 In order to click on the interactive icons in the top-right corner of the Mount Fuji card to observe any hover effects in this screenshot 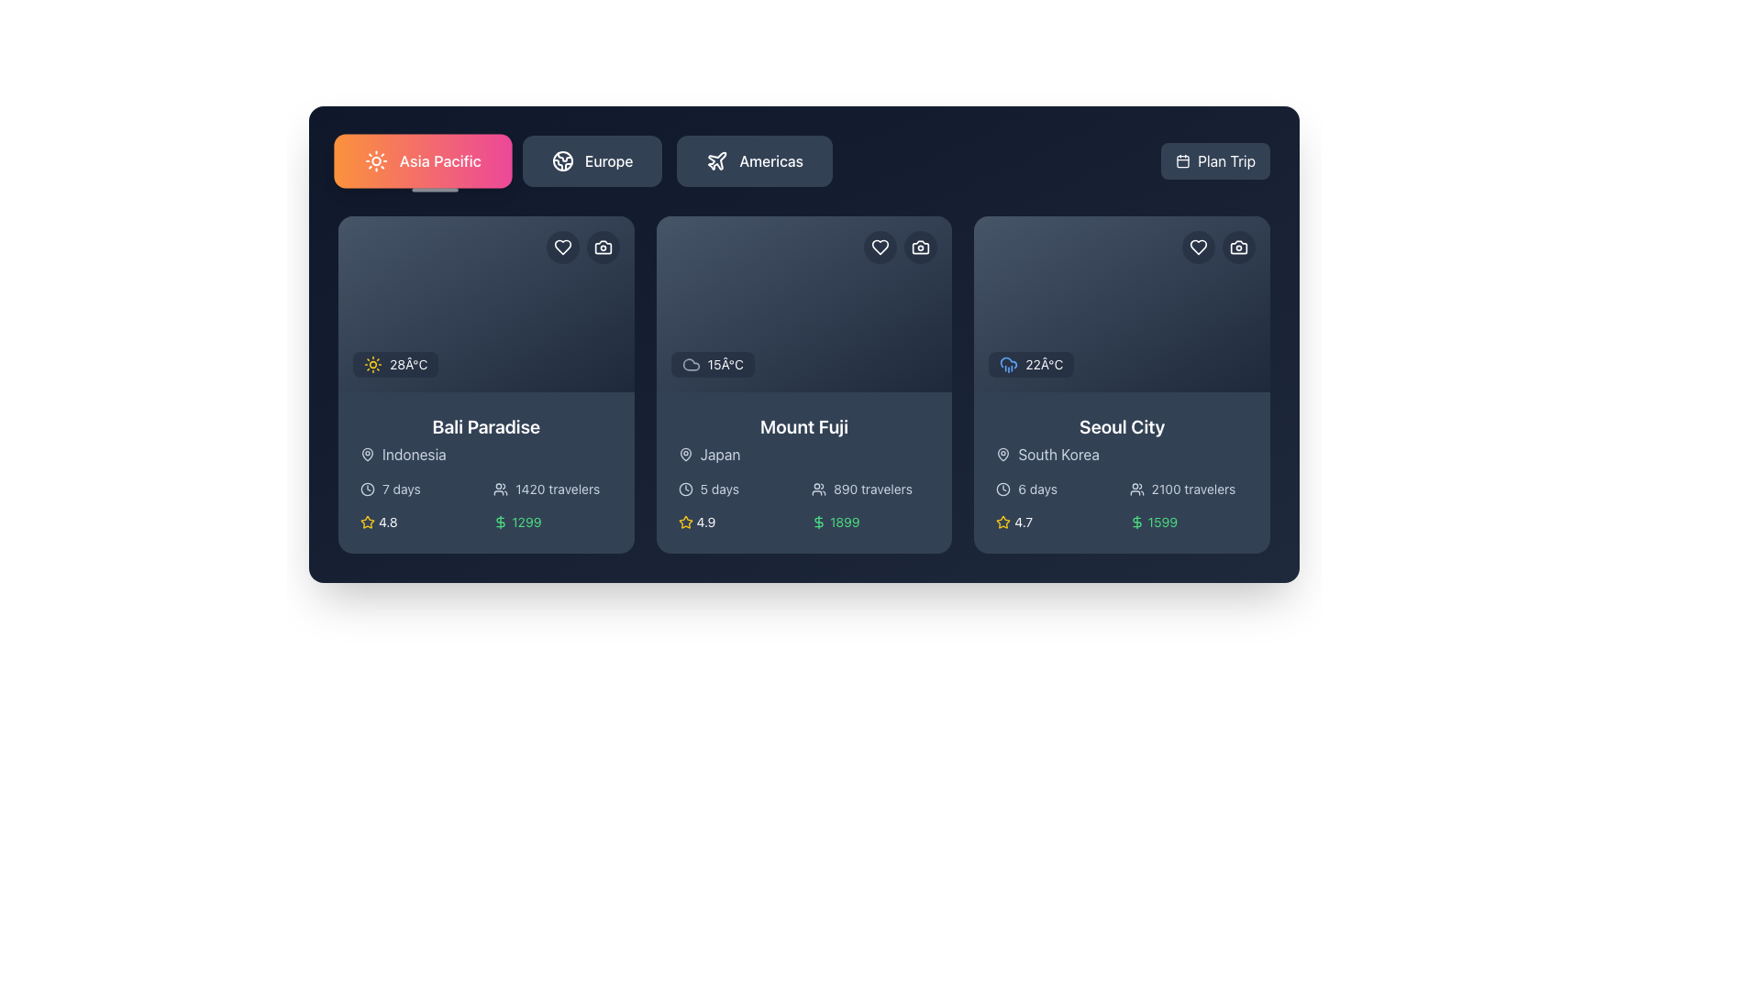, I will do `click(901, 247)`.